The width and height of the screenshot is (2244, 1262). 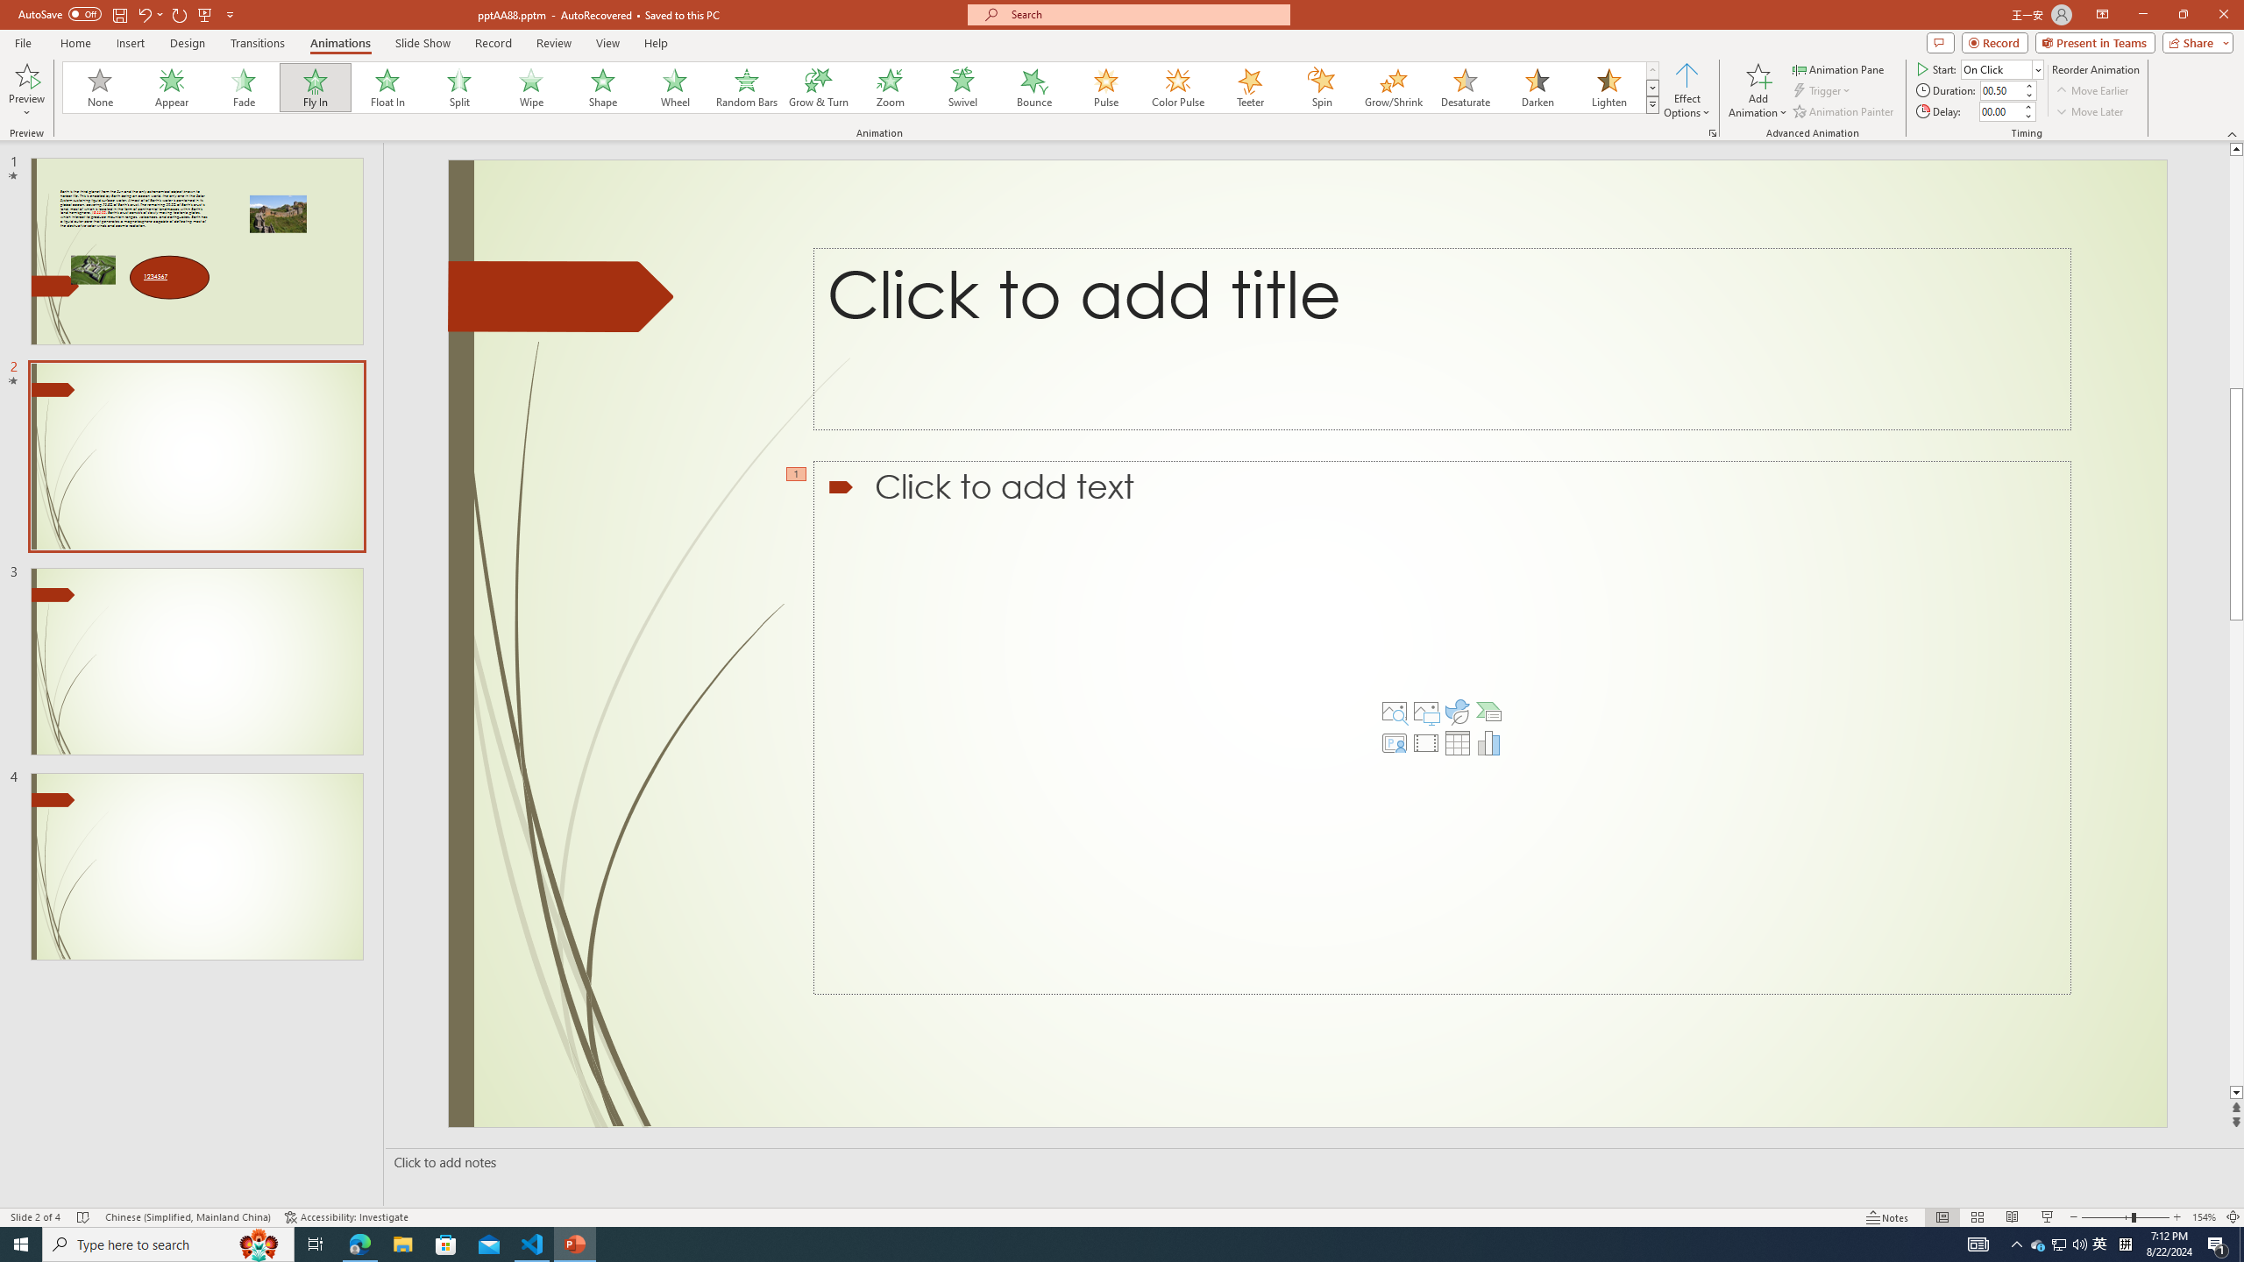 What do you see at coordinates (1425, 742) in the screenshot?
I see `'Insert Video'` at bounding box center [1425, 742].